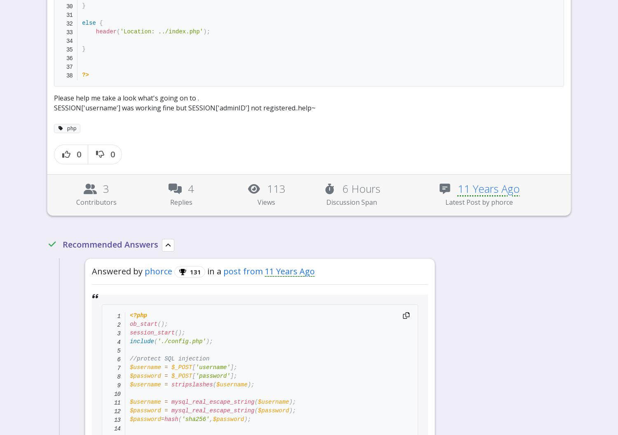 The height and width of the screenshot is (435, 618). Describe the element at coordinates (475, 82) in the screenshot. I see `'Topics Feed'` at that location.